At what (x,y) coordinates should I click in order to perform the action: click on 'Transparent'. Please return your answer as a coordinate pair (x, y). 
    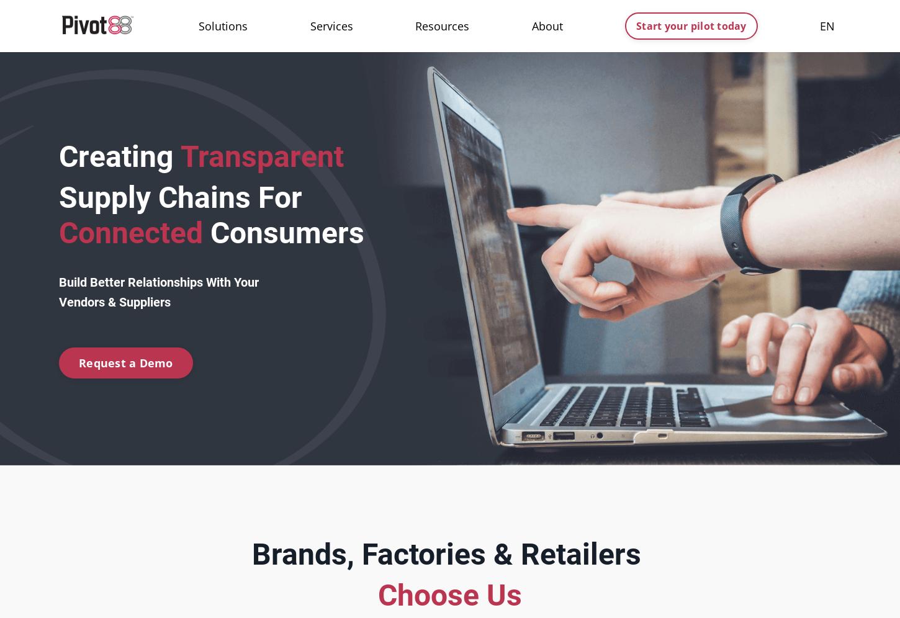
    Looking at the image, I should click on (258, 156).